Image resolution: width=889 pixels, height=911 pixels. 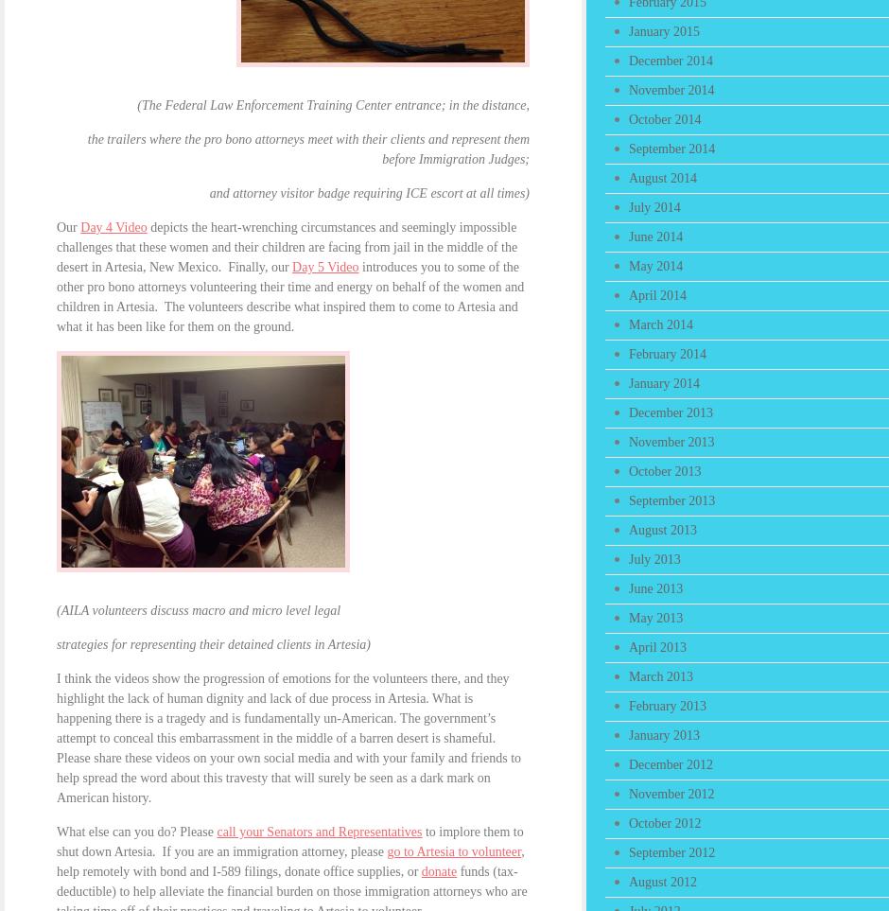 I want to click on 'depicts the heart-wrenching circumstances and seemingly impossible challenges that these women and their children are facing from jail in the middle of the desert in Artesia, New Mexico.  Finally, our', so click(x=286, y=247).